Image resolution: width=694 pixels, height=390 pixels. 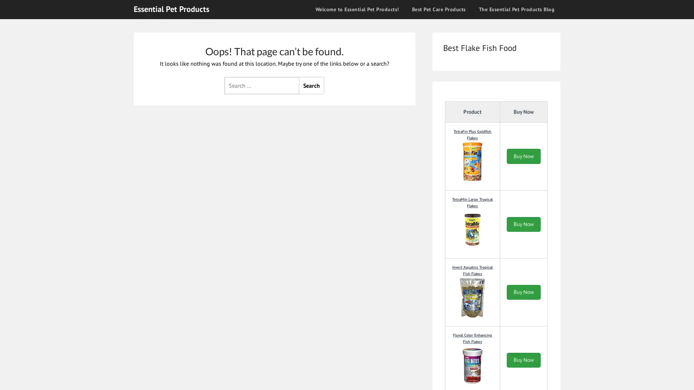 What do you see at coordinates (312, 84) in the screenshot?
I see `Search` at bounding box center [312, 84].